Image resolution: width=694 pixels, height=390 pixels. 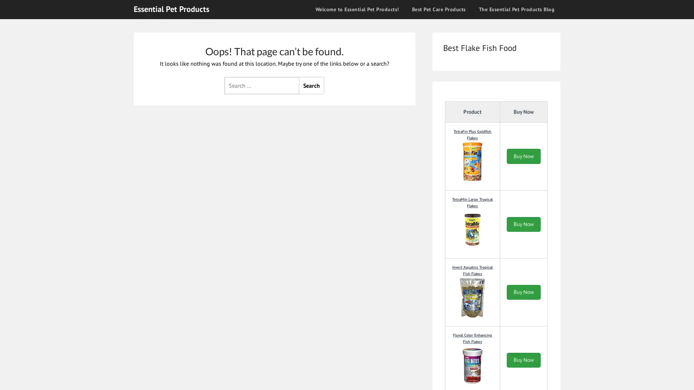 What do you see at coordinates (312, 84) in the screenshot?
I see `Search` at bounding box center [312, 84].